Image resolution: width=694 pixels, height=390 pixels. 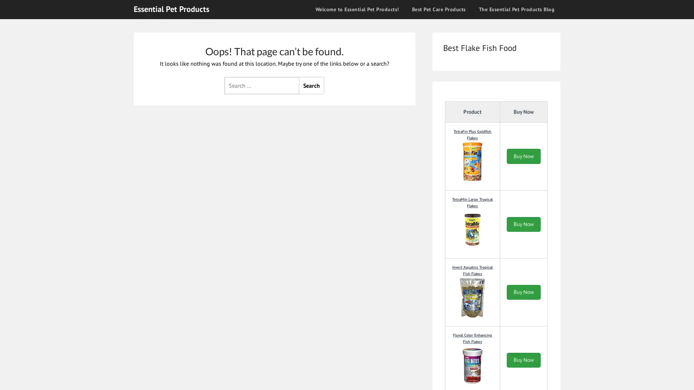 What do you see at coordinates (312, 84) in the screenshot?
I see `Search` at bounding box center [312, 84].